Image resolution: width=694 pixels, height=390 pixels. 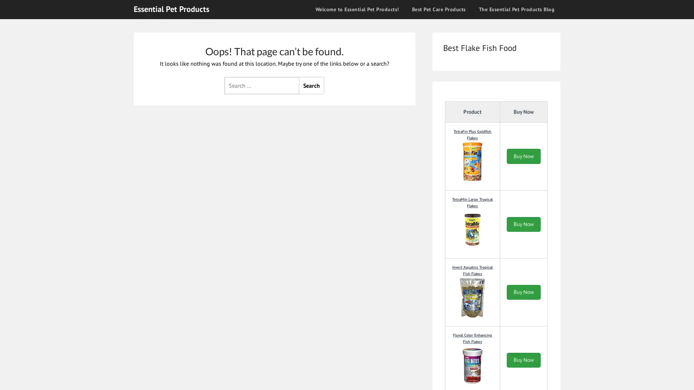 What do you see at coordinates (312, 84) in the screenshot?
I see `Search` at bounding box center [312, 84].